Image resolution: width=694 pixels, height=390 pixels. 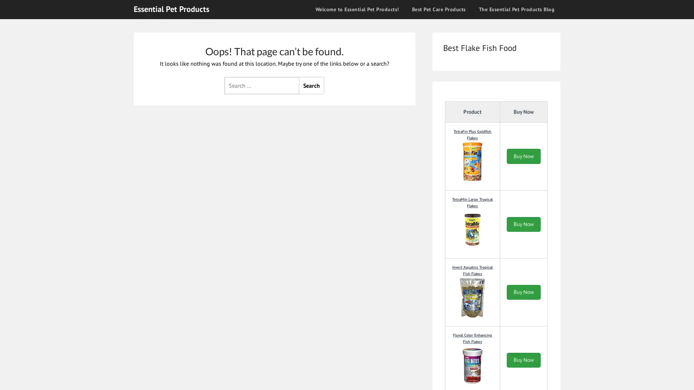 What do you see at coordinates (312, 84) in the screenshot?
I see `Search` at bounding box center [312, 84].